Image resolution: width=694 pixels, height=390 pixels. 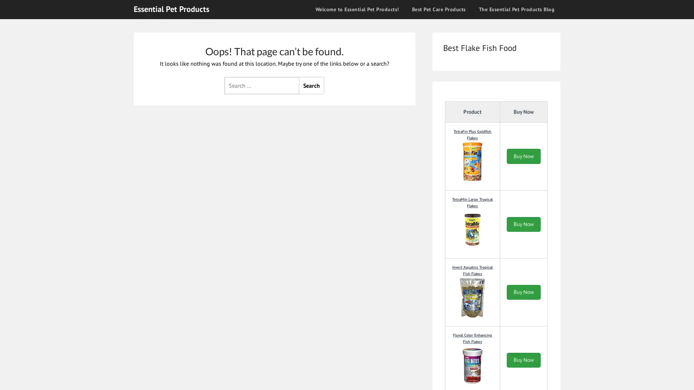 What do you see at coordinates (312, 84) in the screenshot?
I see `Search` at bounding box center [312, 84].